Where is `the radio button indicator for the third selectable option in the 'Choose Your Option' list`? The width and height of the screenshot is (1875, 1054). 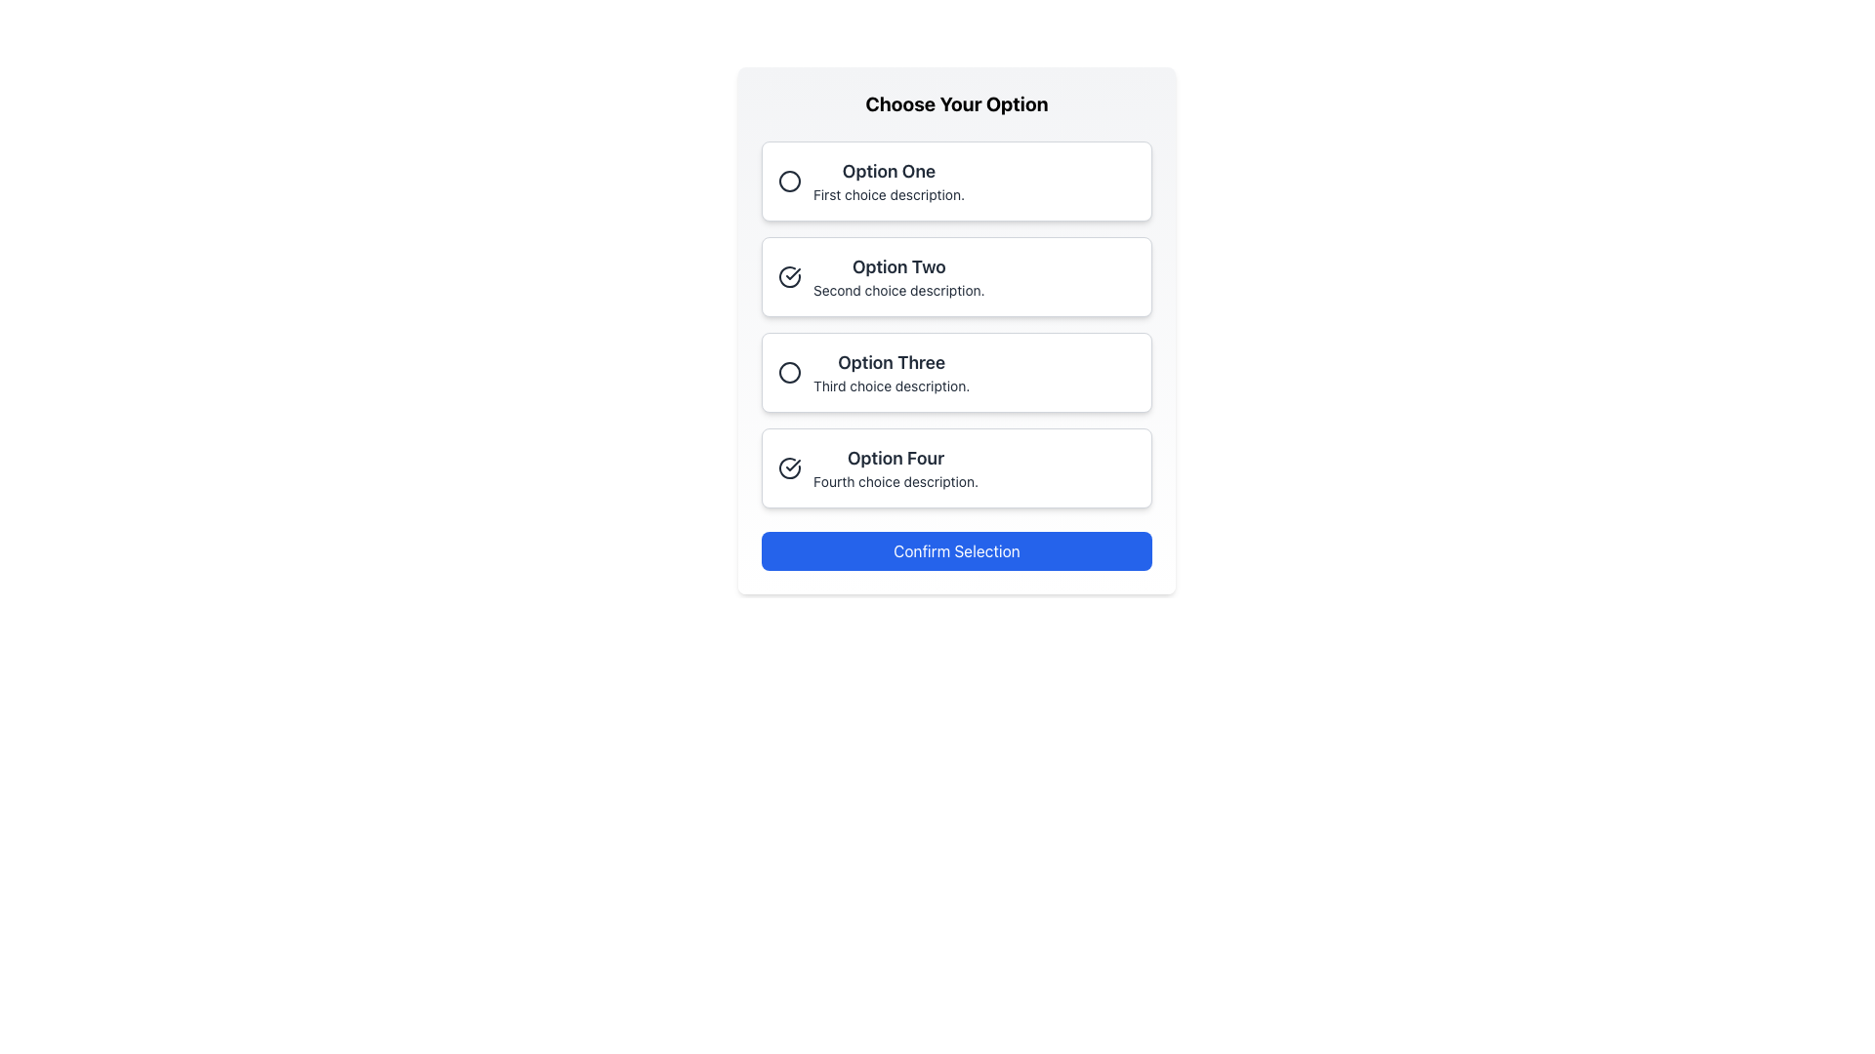
the radio button indicator for the third selectable option in the 'Choose Your Option' list is located at coordinates (790, 372).